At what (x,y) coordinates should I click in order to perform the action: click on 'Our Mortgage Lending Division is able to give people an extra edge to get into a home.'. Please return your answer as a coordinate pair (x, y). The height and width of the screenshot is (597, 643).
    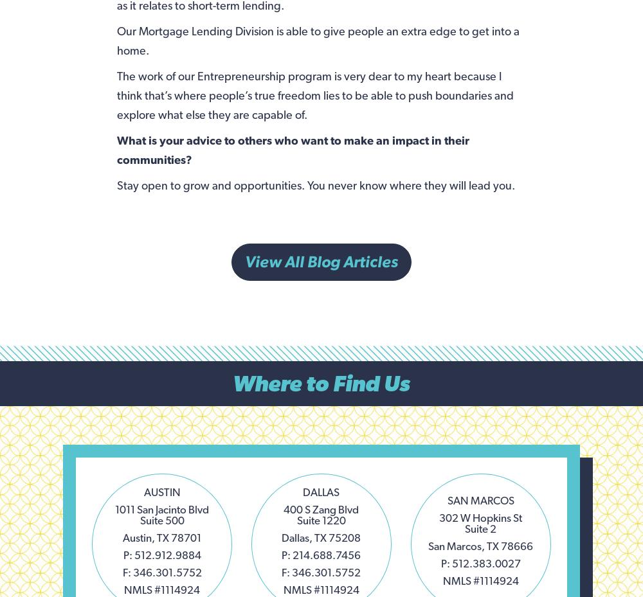
    Looking at the image, I should click on (116, 39).